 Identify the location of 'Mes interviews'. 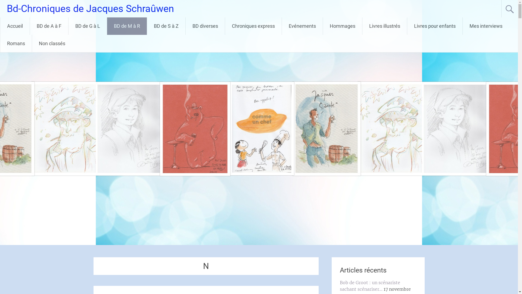
(462, 26).